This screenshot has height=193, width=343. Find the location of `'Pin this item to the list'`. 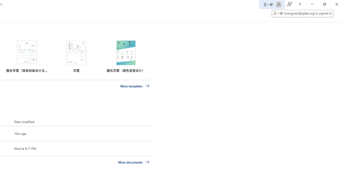

'Pin this item to the list' is located at coordinates (6, 149).